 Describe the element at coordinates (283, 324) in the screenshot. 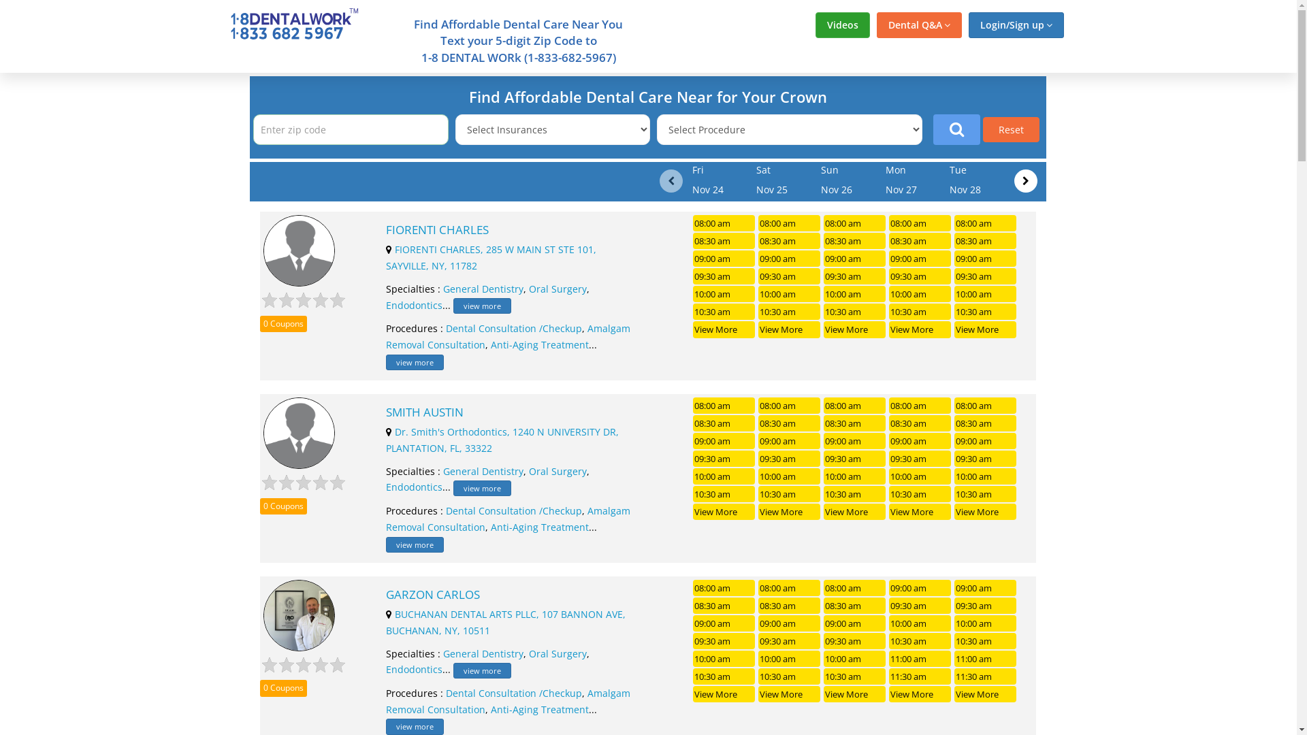

I see `'0 Coupons'` at that location.